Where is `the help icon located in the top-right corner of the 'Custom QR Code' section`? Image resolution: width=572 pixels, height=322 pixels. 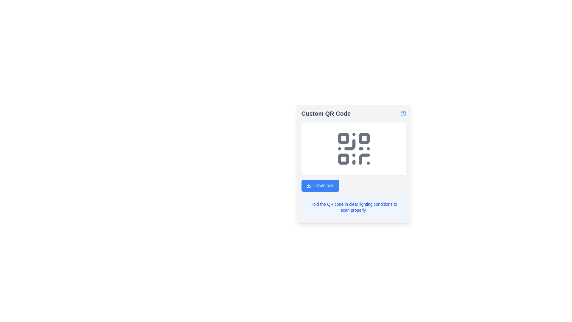 the help icon located in the top-right corner of the 'Custom QR Code' section is located at coordinates (403, 114).